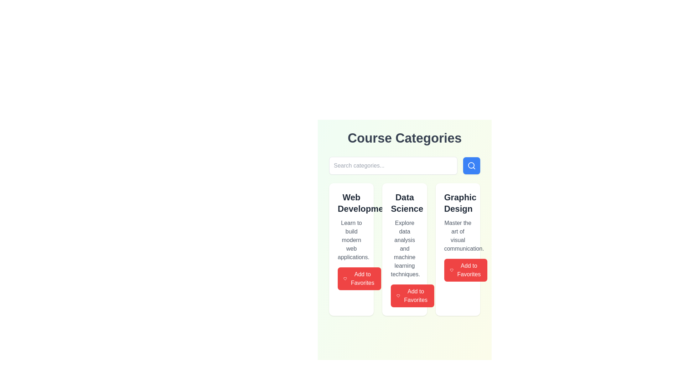  Describe the element at coordinates (351, 203) in the screenshot. I see `the Text heading at the top of the course card, summarizing the course's subject` at that location.